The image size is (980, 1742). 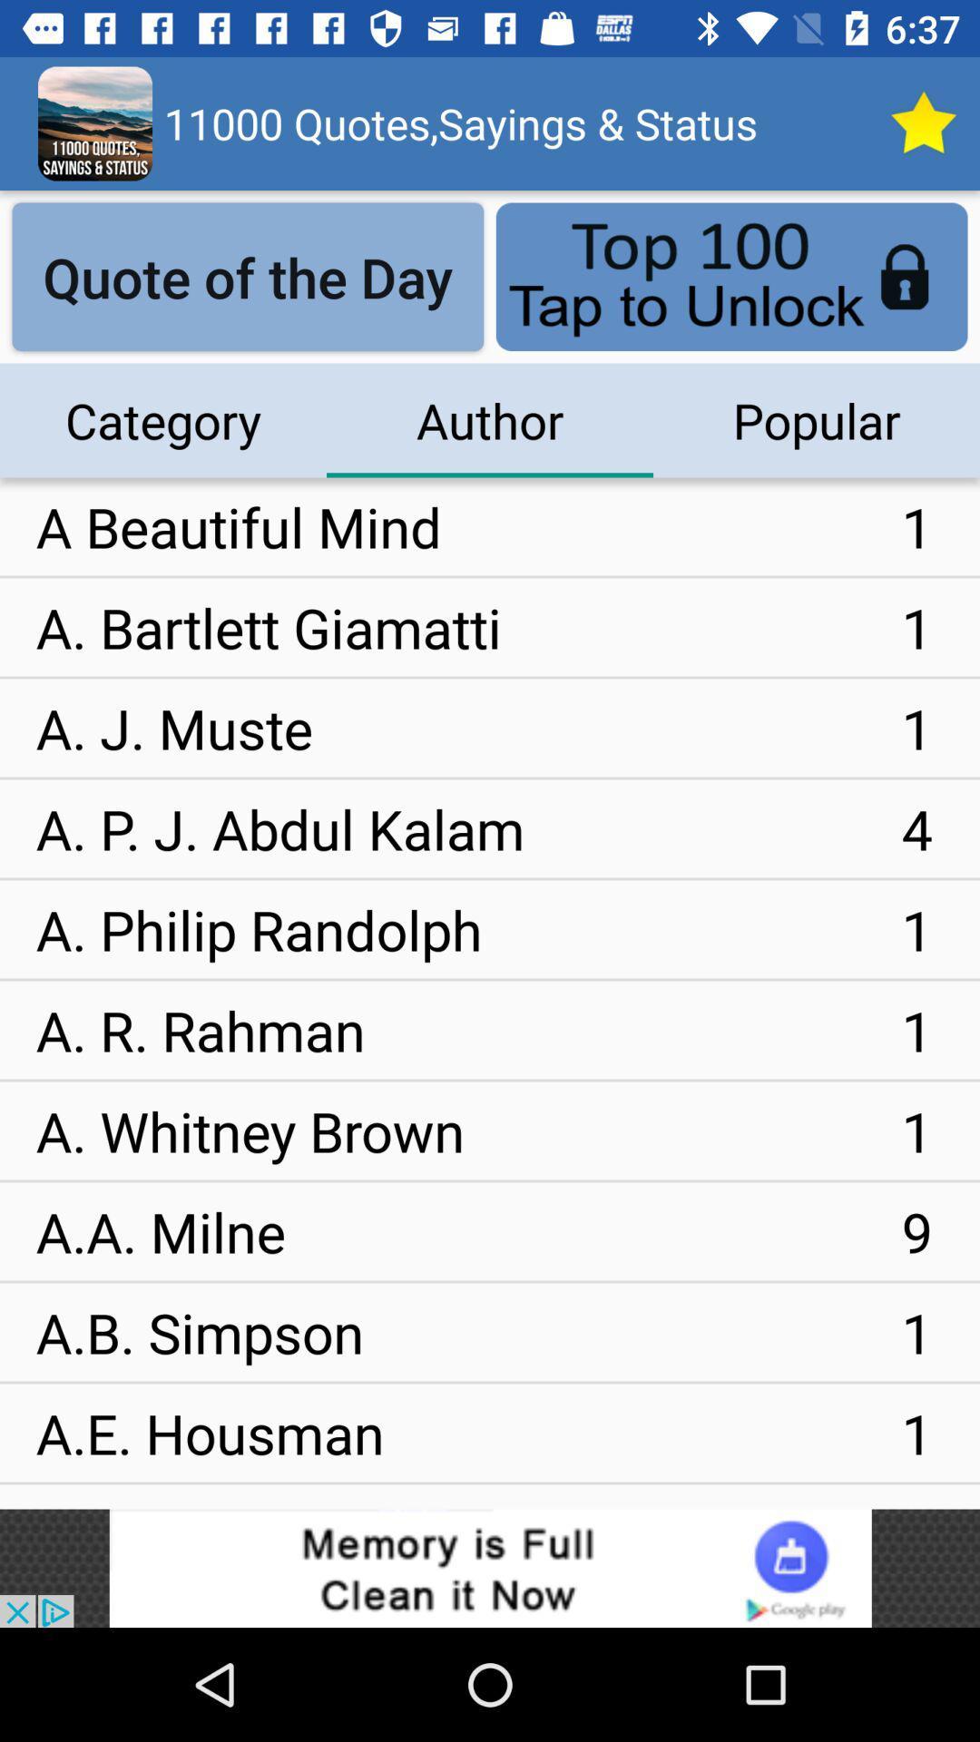 What do you see at coordinates (730, 276) in the screenshot?
I see `the blue color button above popular` at bounding box center [730, 276].